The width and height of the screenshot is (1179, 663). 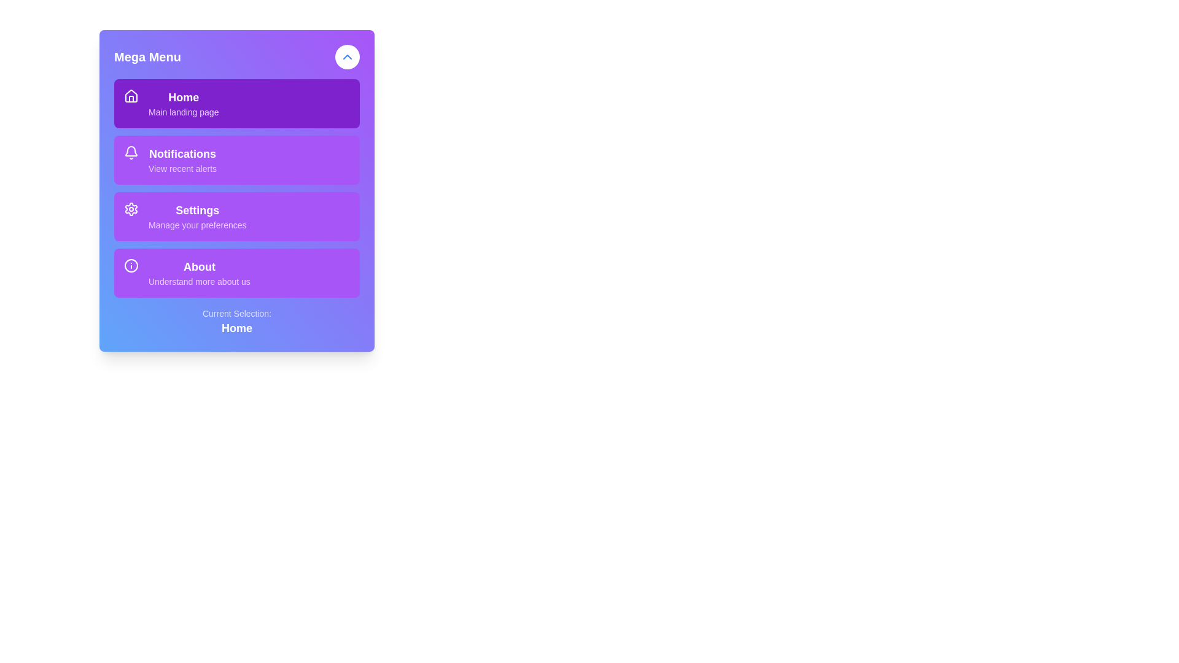 I want to click on the small house icon located on the left side of the 'Home' menu item in the mega menu, which has a white outline and a purple background, so click(x=131, y=96).